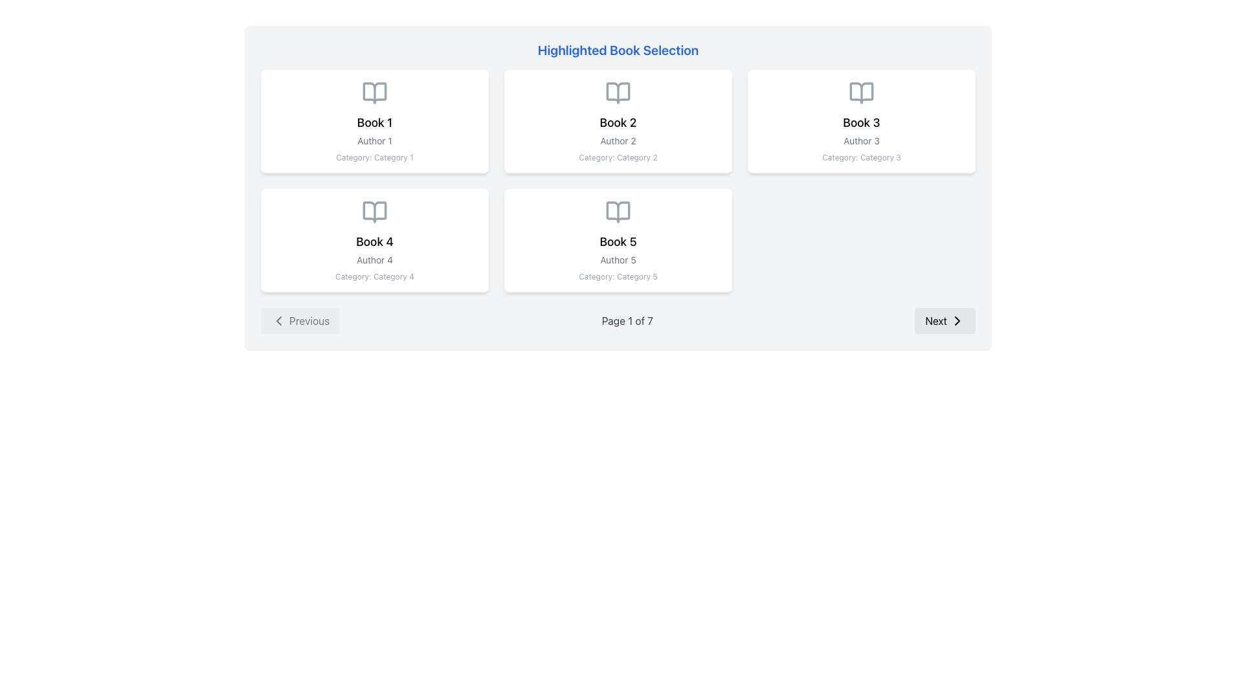 The height and width of the screenshot is (699, 1243). What do you see at coordinates (627, 320) in the screenshot?
I see `the pagination status label located at the center of the horizontal navigation bar at the bottom of the interface, which displays the current page and total number of pages` at bounding box center [627, 320].